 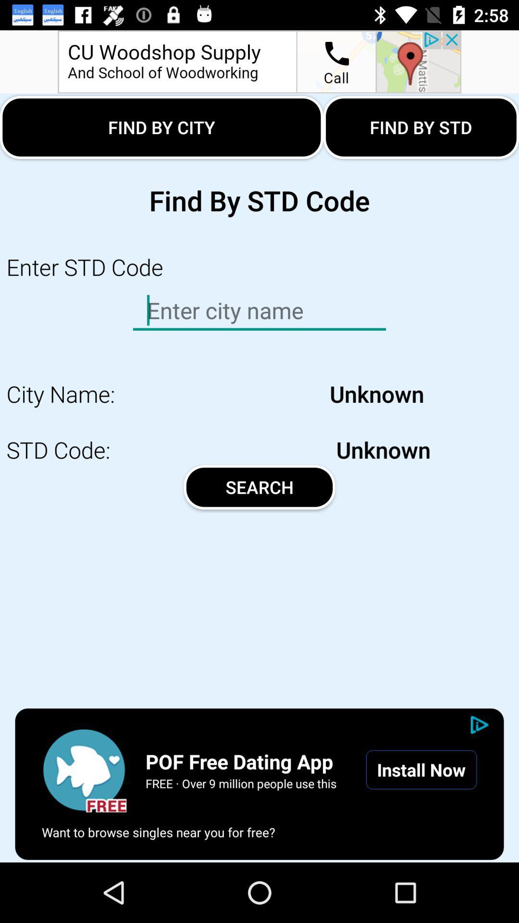 I want to click on location option, so click(x=259, y=61).